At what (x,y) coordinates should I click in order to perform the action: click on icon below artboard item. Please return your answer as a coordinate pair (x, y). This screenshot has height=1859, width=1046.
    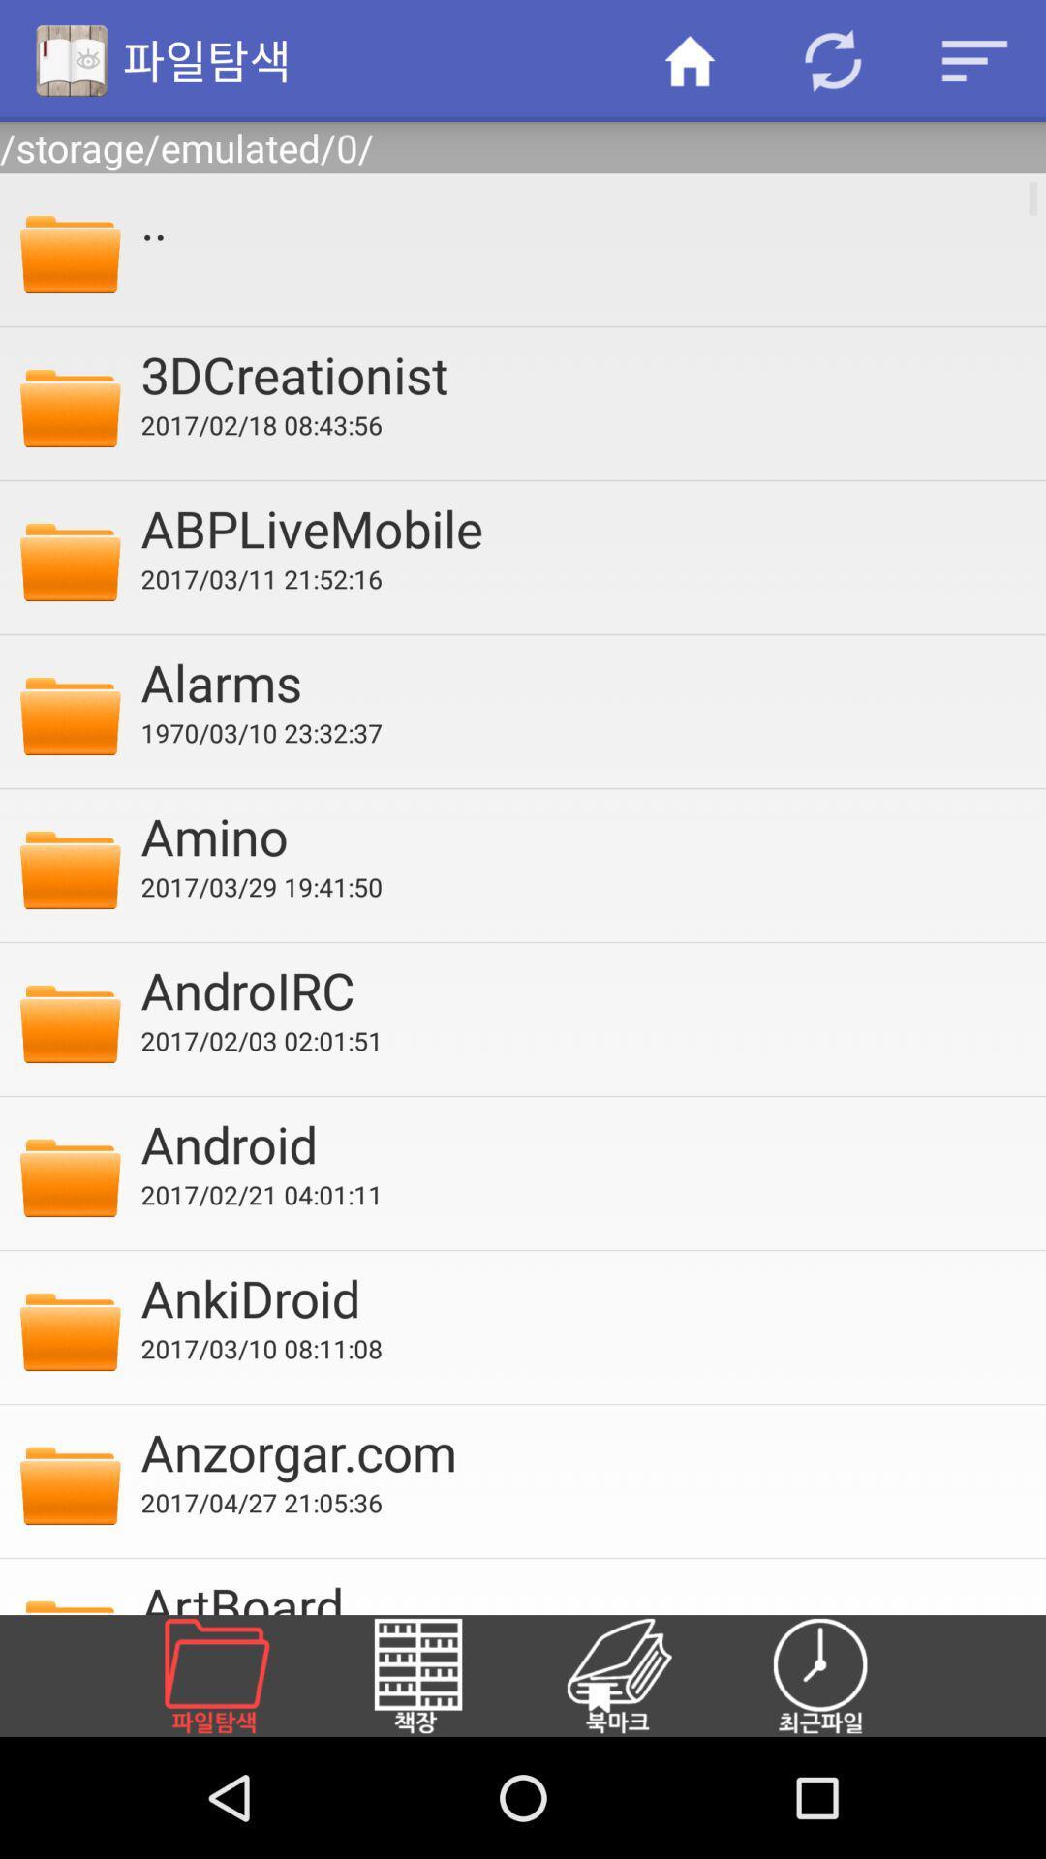
    Looking at the image, I should click on (843, 1675).